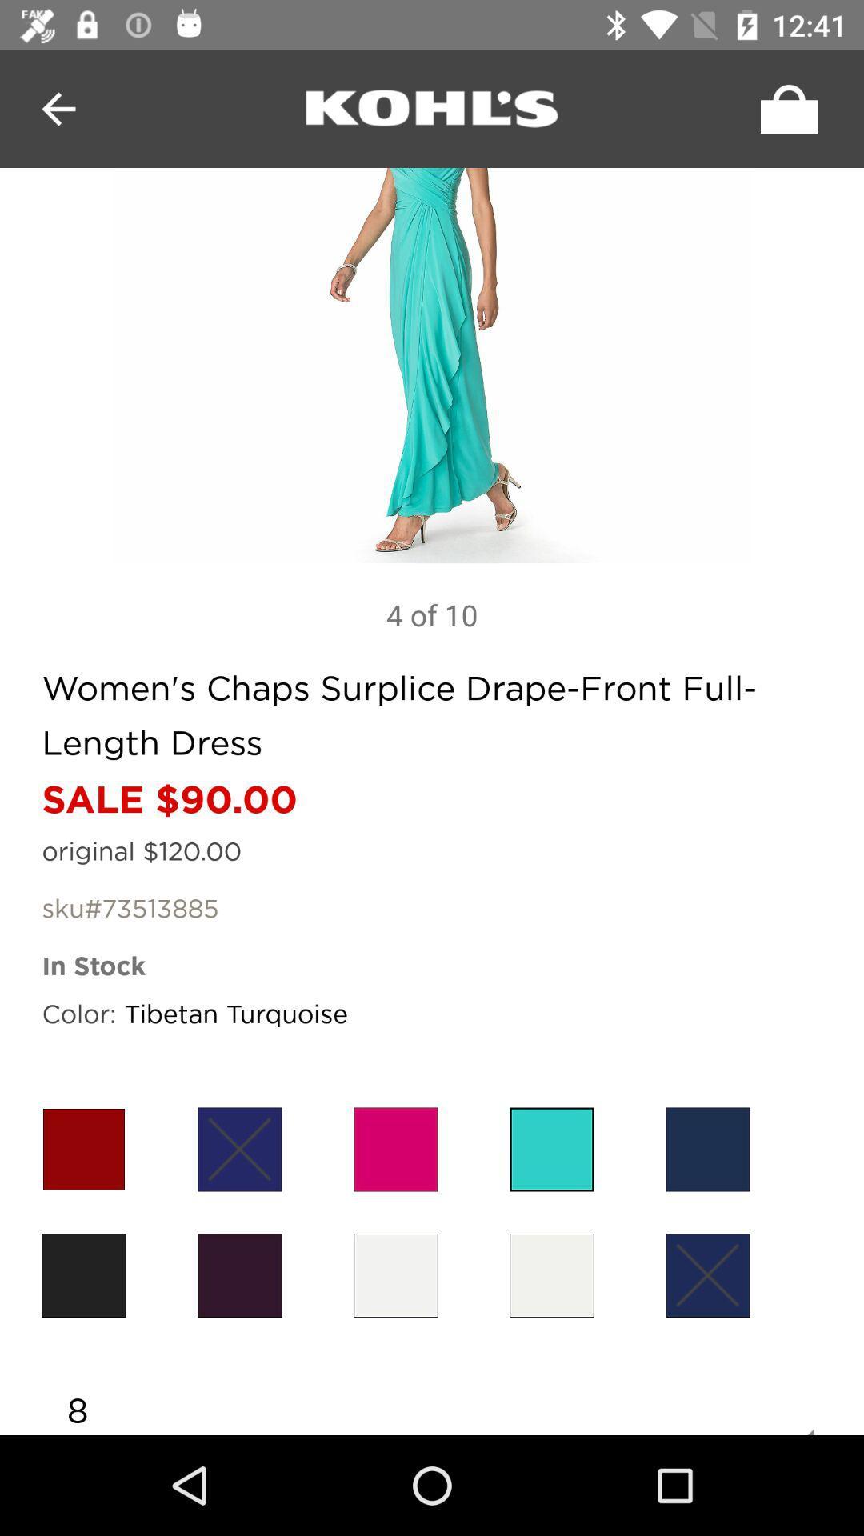 This screenshot has width=864, height=1536. I want to click on tibetan turquoise option, so click(551, 1148).